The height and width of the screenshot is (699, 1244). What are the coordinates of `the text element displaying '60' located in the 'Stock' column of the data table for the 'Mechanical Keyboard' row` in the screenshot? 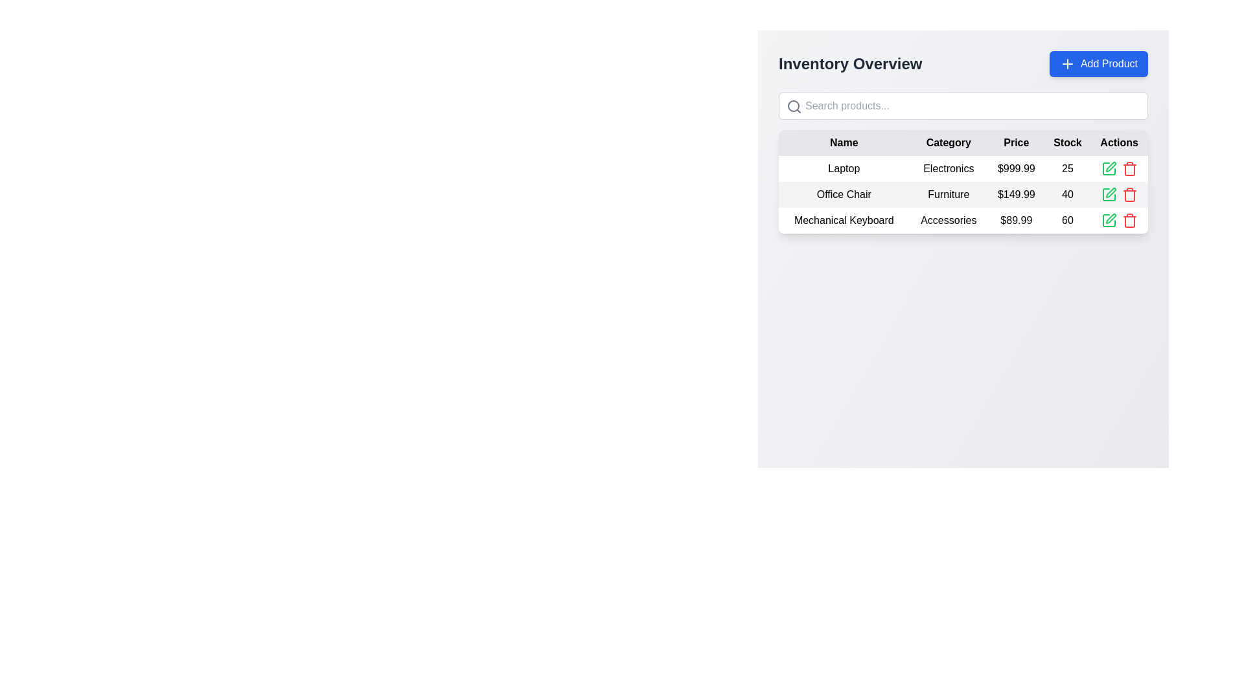 It's located at (1067, 219).